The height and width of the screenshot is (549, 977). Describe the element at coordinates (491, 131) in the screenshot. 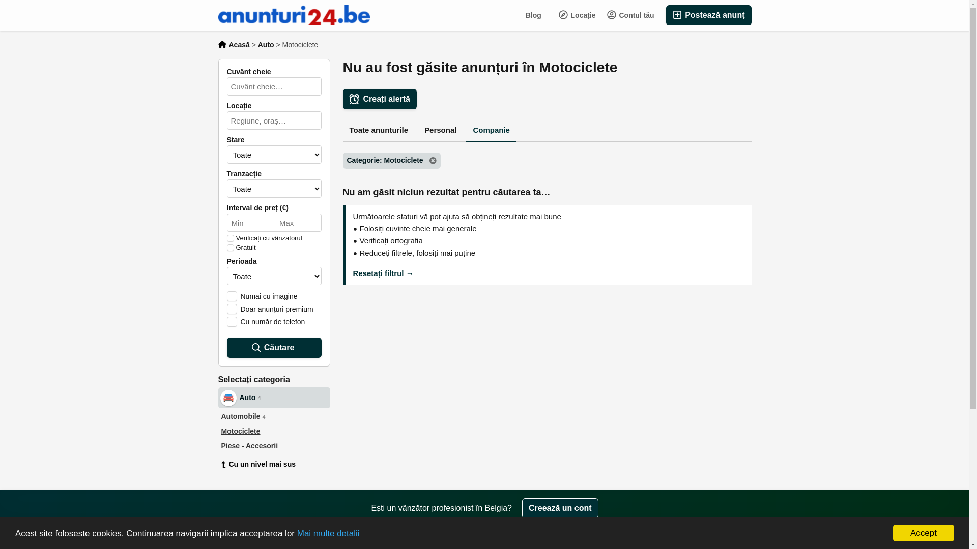

I see `'Companie'` at that location.